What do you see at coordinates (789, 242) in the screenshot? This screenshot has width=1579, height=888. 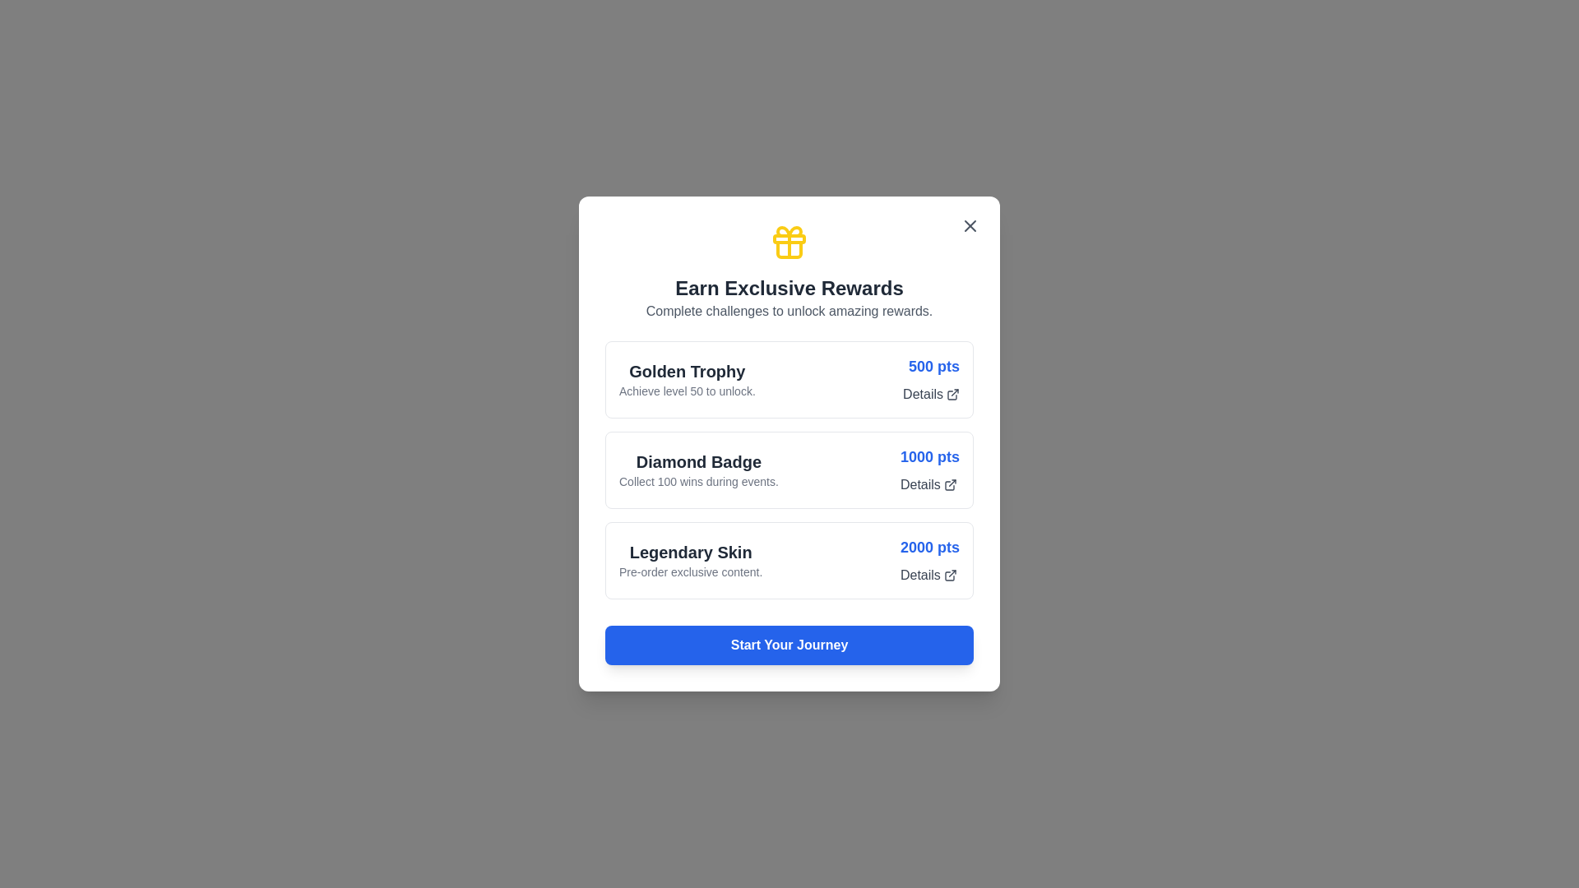 I see `the decorative icon representing rewards or gifts, located at the top-center of the modal window above the 'Earn Exclusive Rewards' text` at bounding box center [789, 242].